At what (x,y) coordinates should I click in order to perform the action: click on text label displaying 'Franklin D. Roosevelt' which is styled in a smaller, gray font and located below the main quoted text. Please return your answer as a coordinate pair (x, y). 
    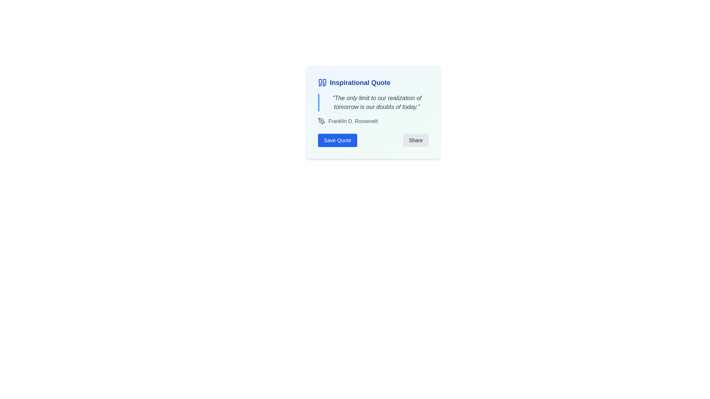
    Looking at the image, I should click on (373, 120).